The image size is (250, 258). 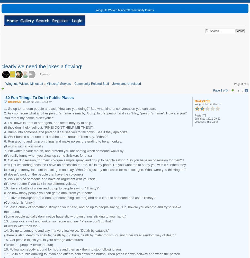 I want to click on '(It works with trees too.)', so click(x=4, y=226).